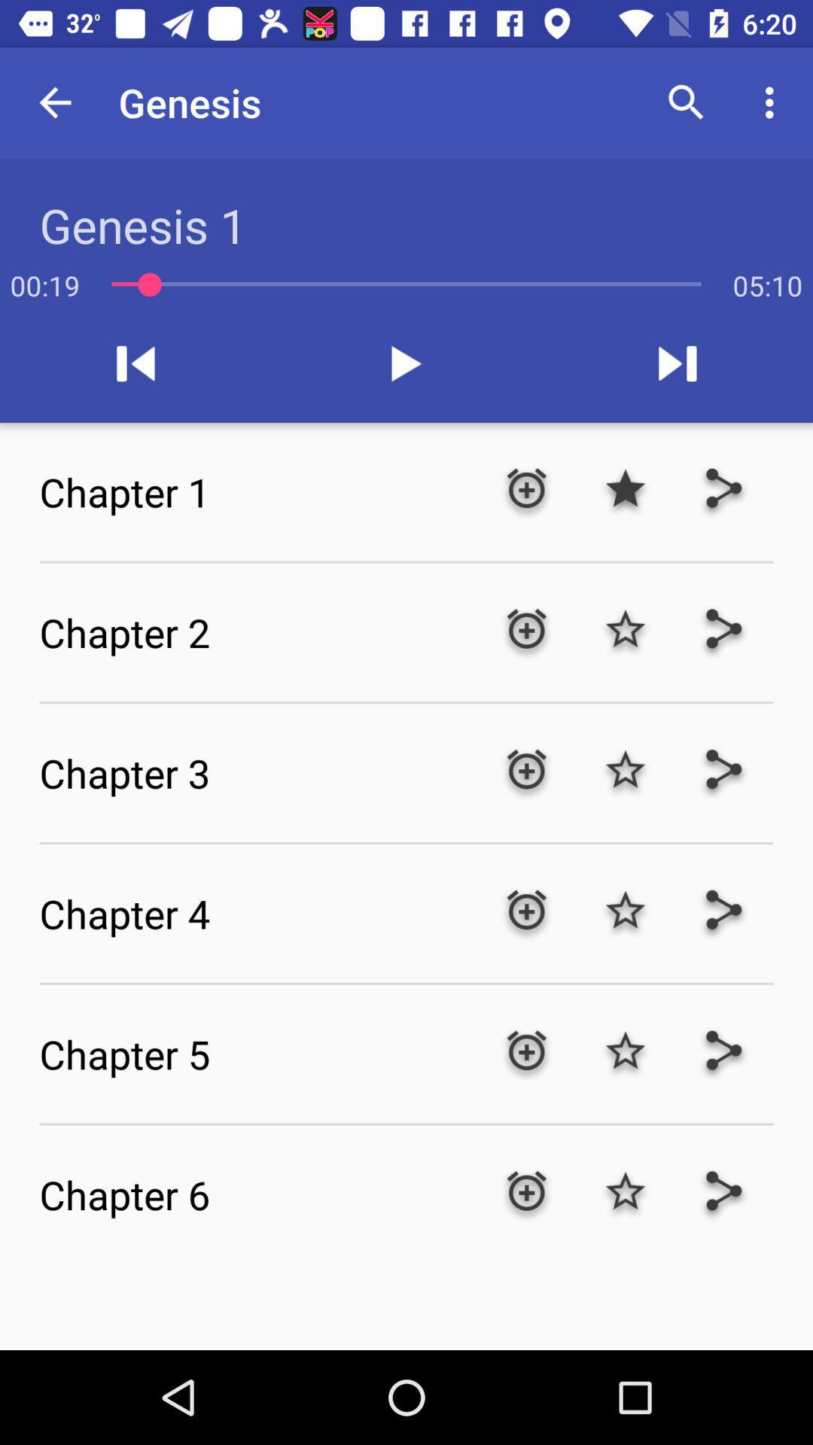  Describe the element at coordinates (54, 102) in the screenshot. I see `the app next to the genesis item` at that location.